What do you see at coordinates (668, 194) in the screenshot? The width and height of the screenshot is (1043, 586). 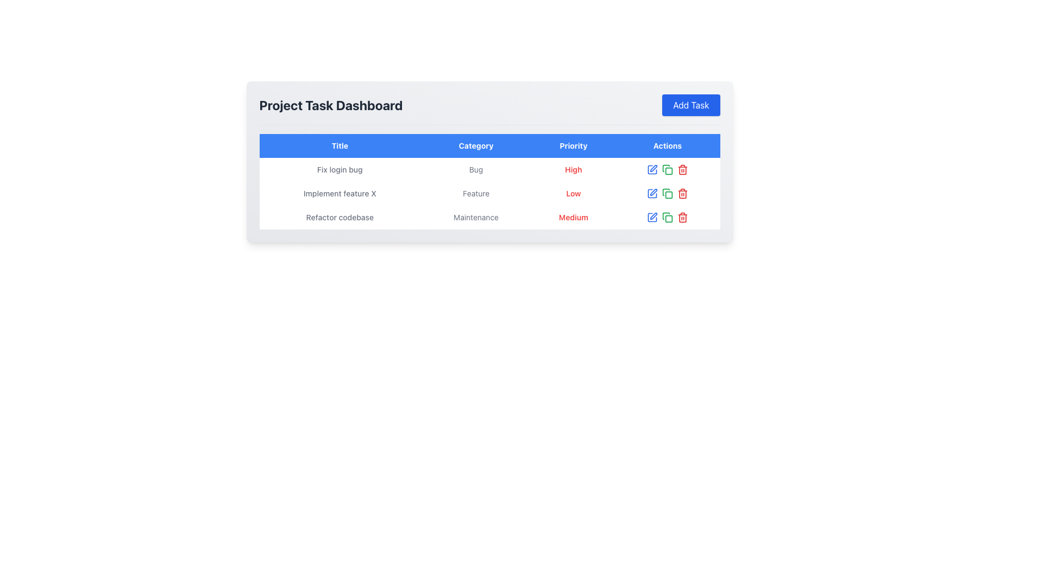 I see `the copy icon located in the 'Actions' column of the table row, positioned to the right of the last listed task` at bounding box center [668, 194].